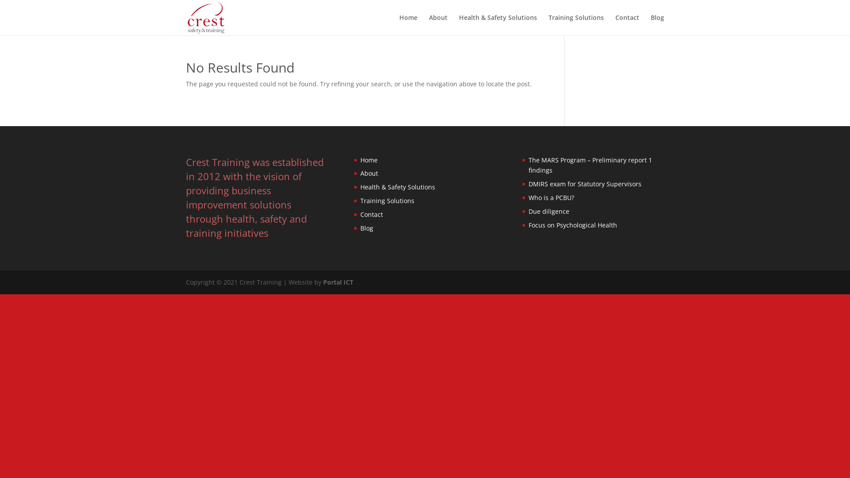 Image resolution: width=850 pixels, height=478 pixels. Describe the element at coordinates (551, 197) in the screenshot. I see `'Who is a PCBU?'` at that location.